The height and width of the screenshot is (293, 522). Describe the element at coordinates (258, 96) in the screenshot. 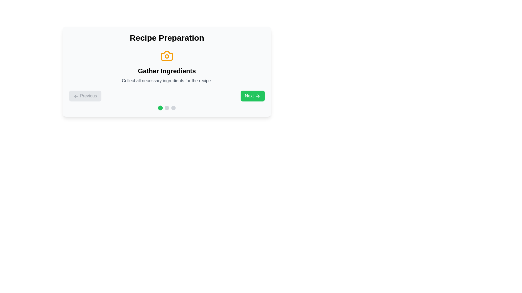

I see `the rightward-pointing arrow icon within the green 'Next' button` at that location.